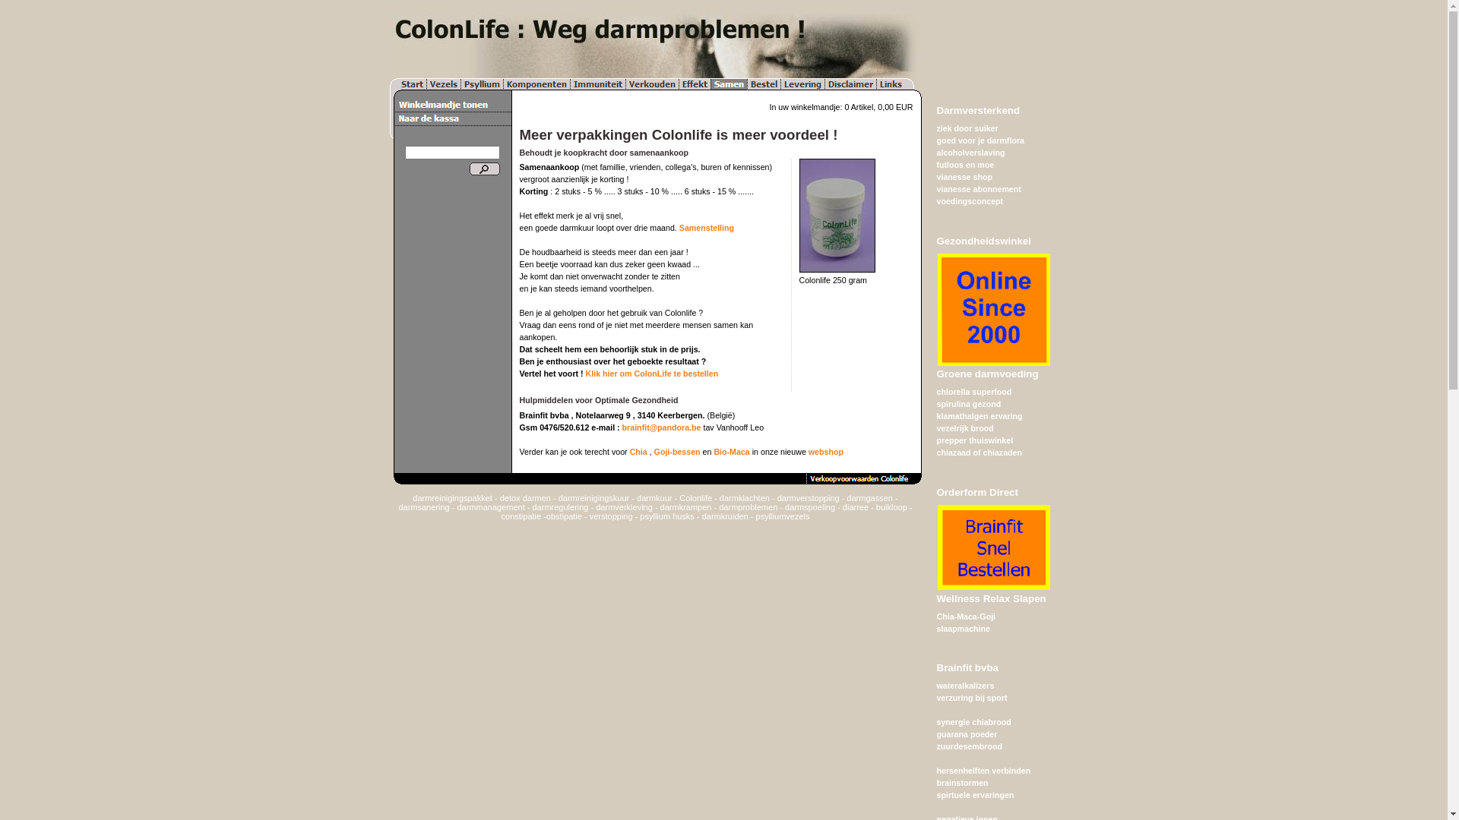 This screenshot has height=820, width=1459. I want to click on 'Klik hier om ColonLife te bestellen', so click(585, 374).